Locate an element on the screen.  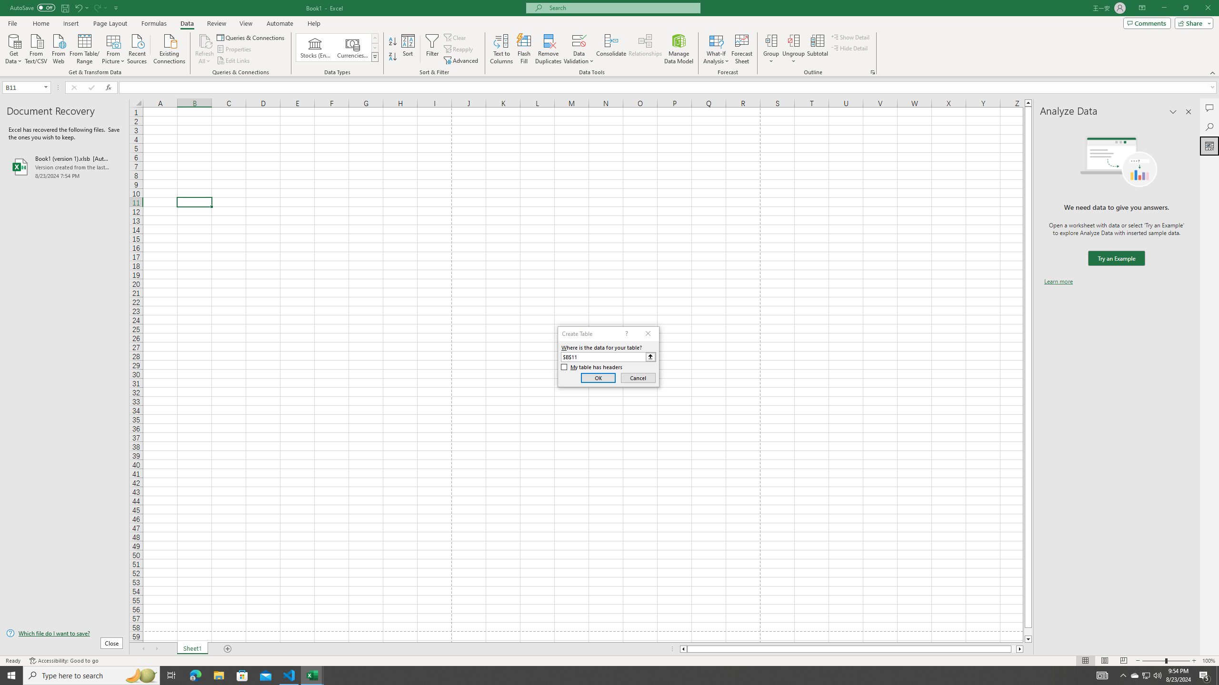
'Advanced...' is located at coordinates (462, 60).